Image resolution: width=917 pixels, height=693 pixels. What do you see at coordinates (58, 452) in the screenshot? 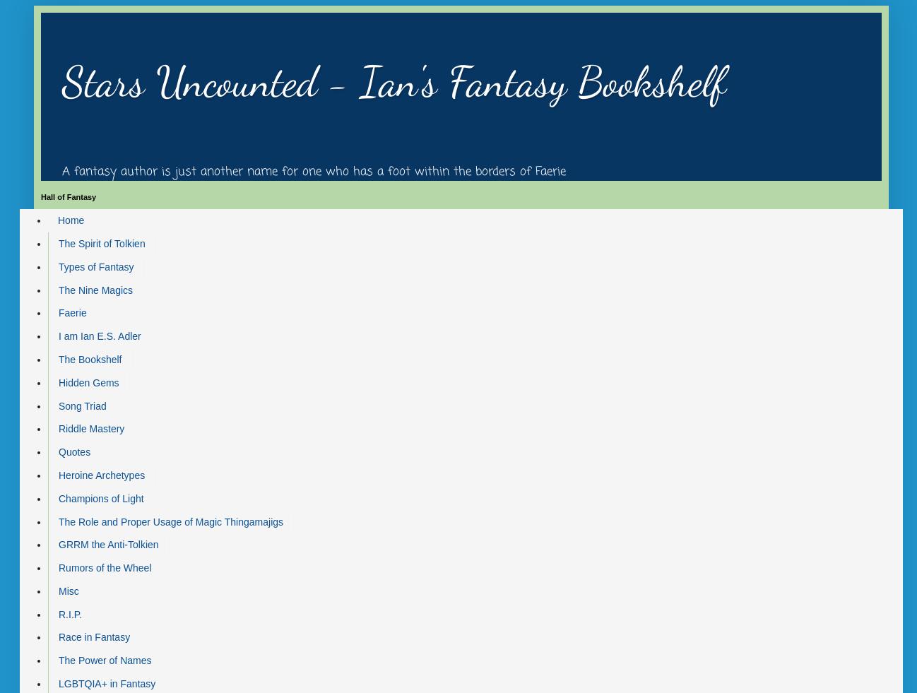
I see `'Quotes'` at bounding box center [58, 452].